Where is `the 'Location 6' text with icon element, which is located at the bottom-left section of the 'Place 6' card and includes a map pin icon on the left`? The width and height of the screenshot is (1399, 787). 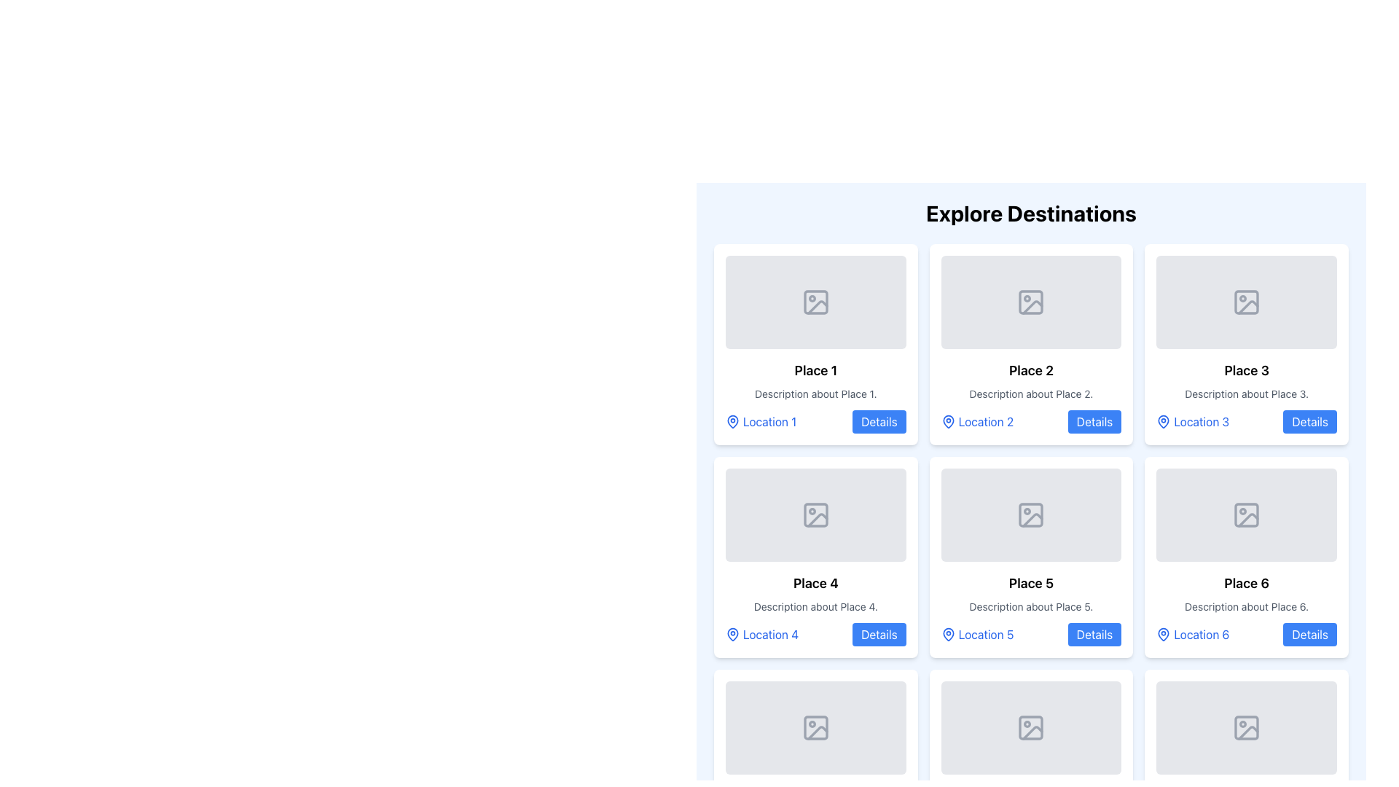
the 'Location 6' text with icon element, which is located at the bottom-left section of the 'Place 6' card and includes a map pin icon on the left is located at coordinates (1193, 634).